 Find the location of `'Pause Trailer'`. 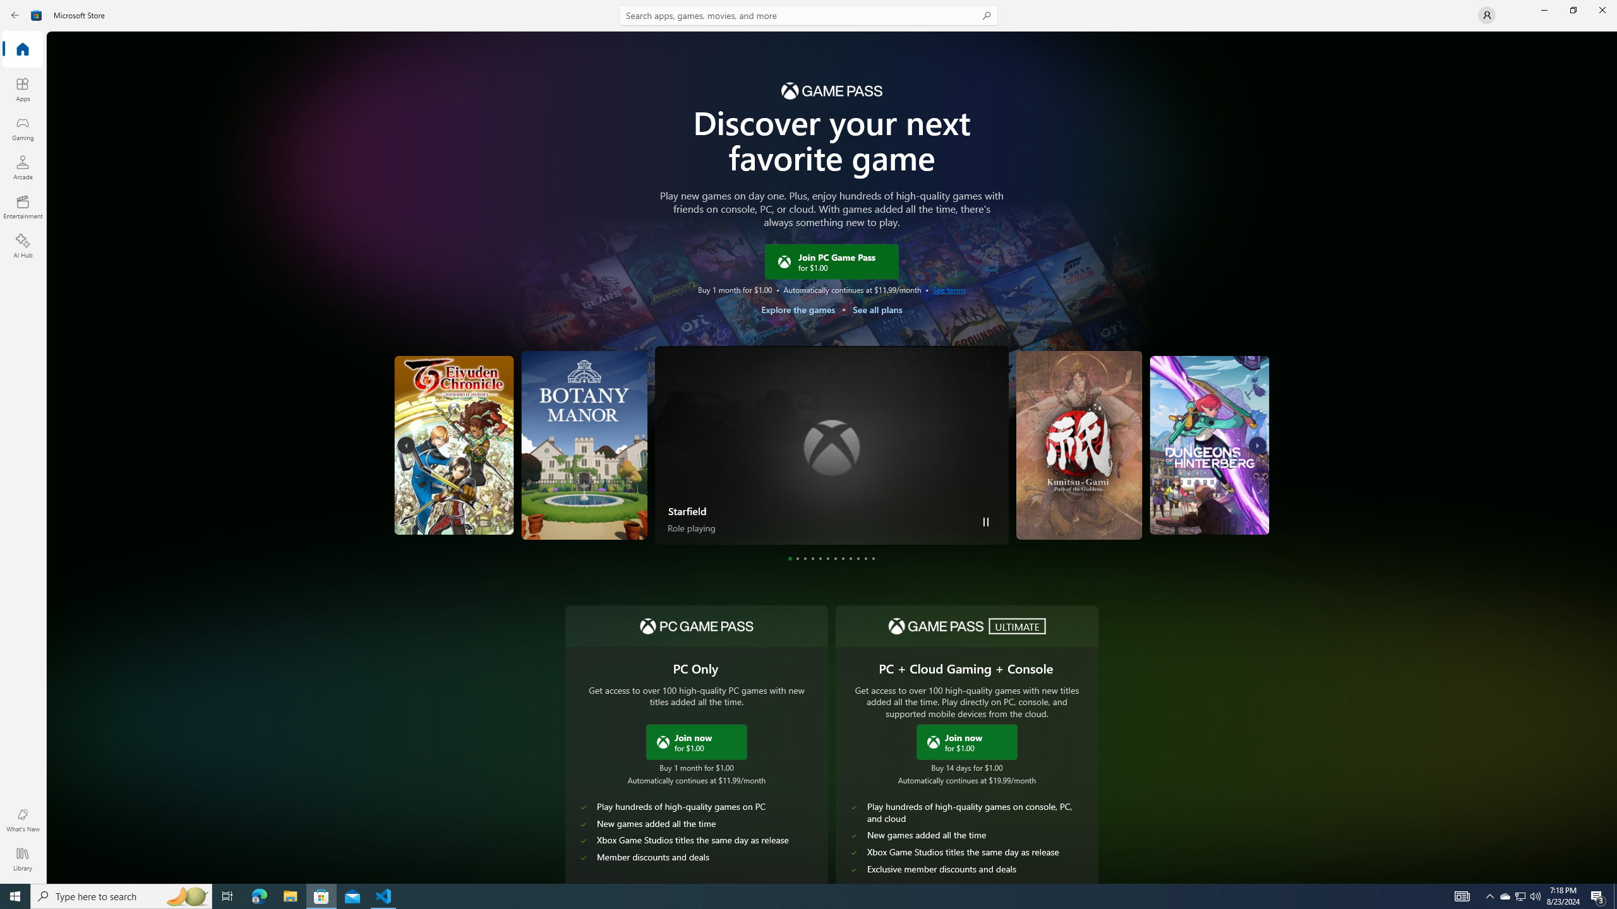

'Pause Trailer' is located at coordinates (986, 521).